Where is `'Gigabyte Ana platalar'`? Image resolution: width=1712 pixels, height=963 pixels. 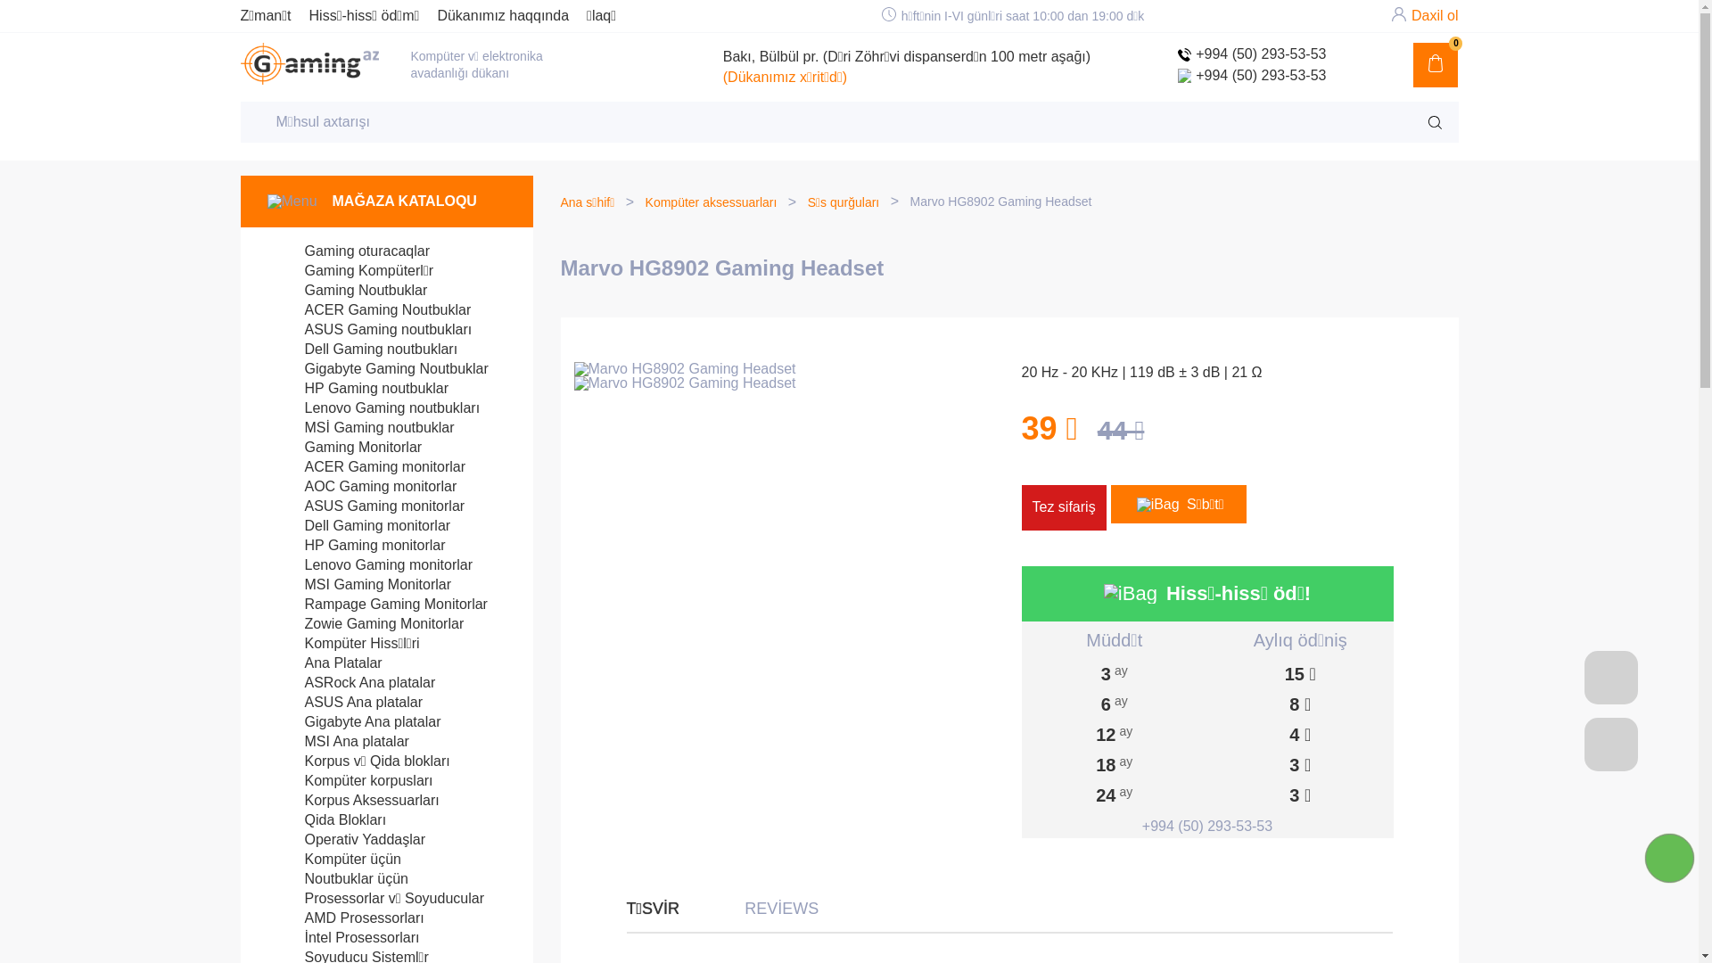 'Gigabyte Ana platalar' is located at coordinates (354, 720).